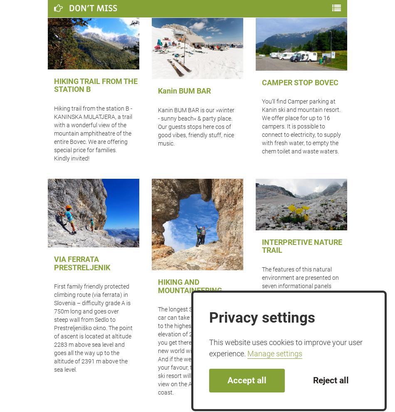  I want to click on 'Hiking trail from the station B - KANINSKA MULATJERA, a trail with a wonderful view of the mountain amphitheatre of the entire Bovec. We are offering special price for families.
Kindly invited!', so click(93, 133).